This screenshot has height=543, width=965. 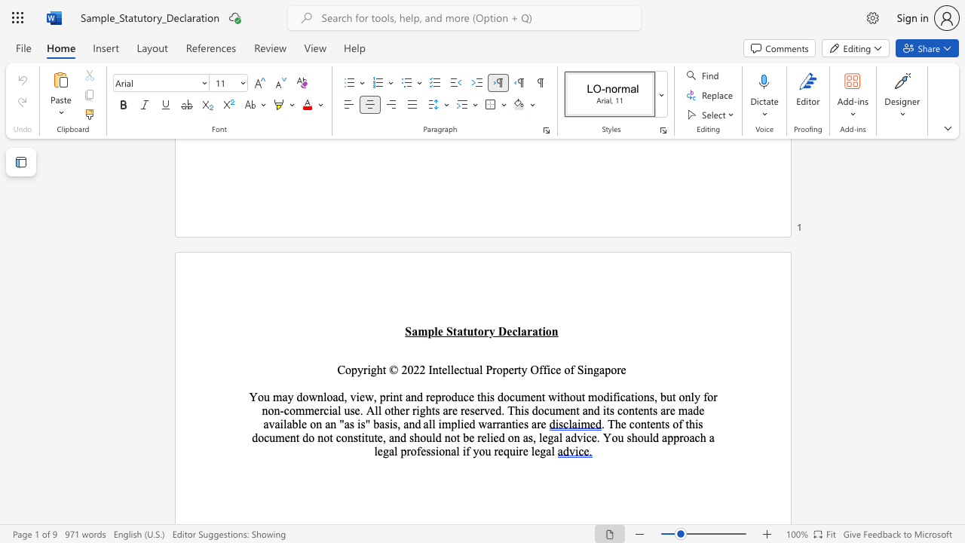 I want to click on the subset text "as, legal advice." within the text ", and should not be relied on as, legal advice. You should approach a legal professional if you", so click(x=522, y=437).